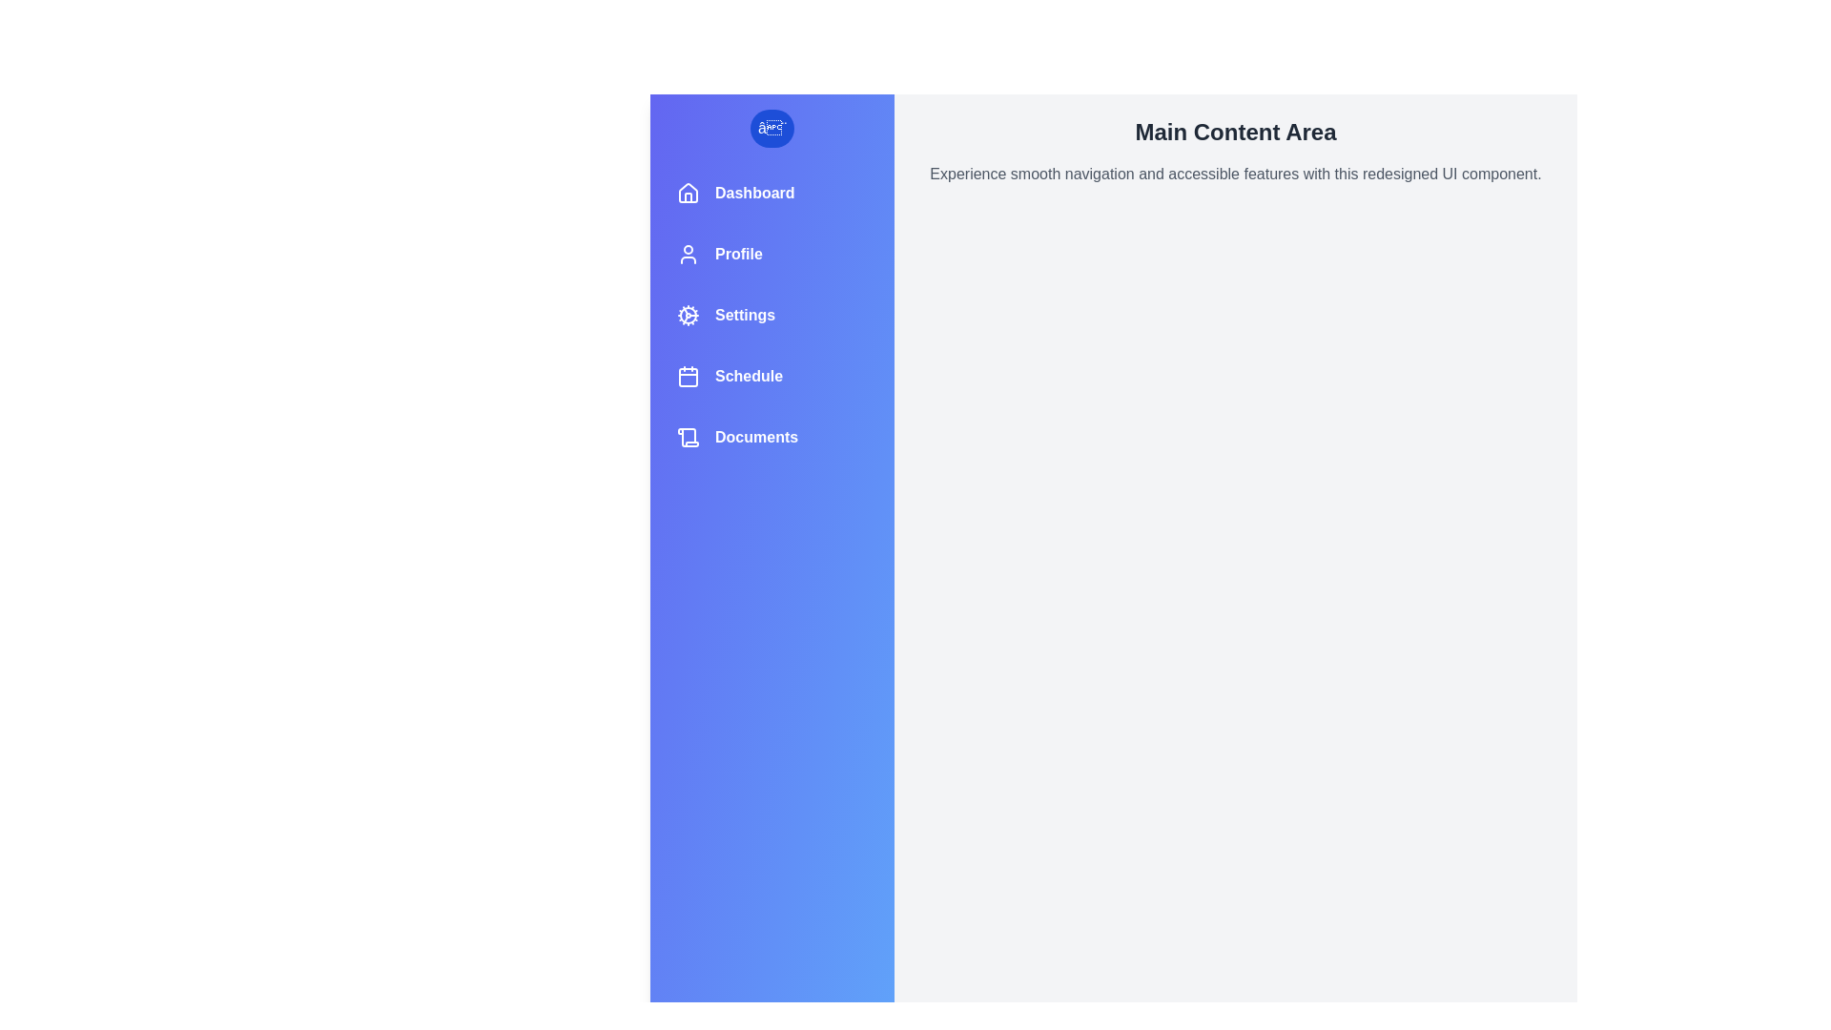  I want to click on the navigation item labeled Dashboard, so click(772, 194).